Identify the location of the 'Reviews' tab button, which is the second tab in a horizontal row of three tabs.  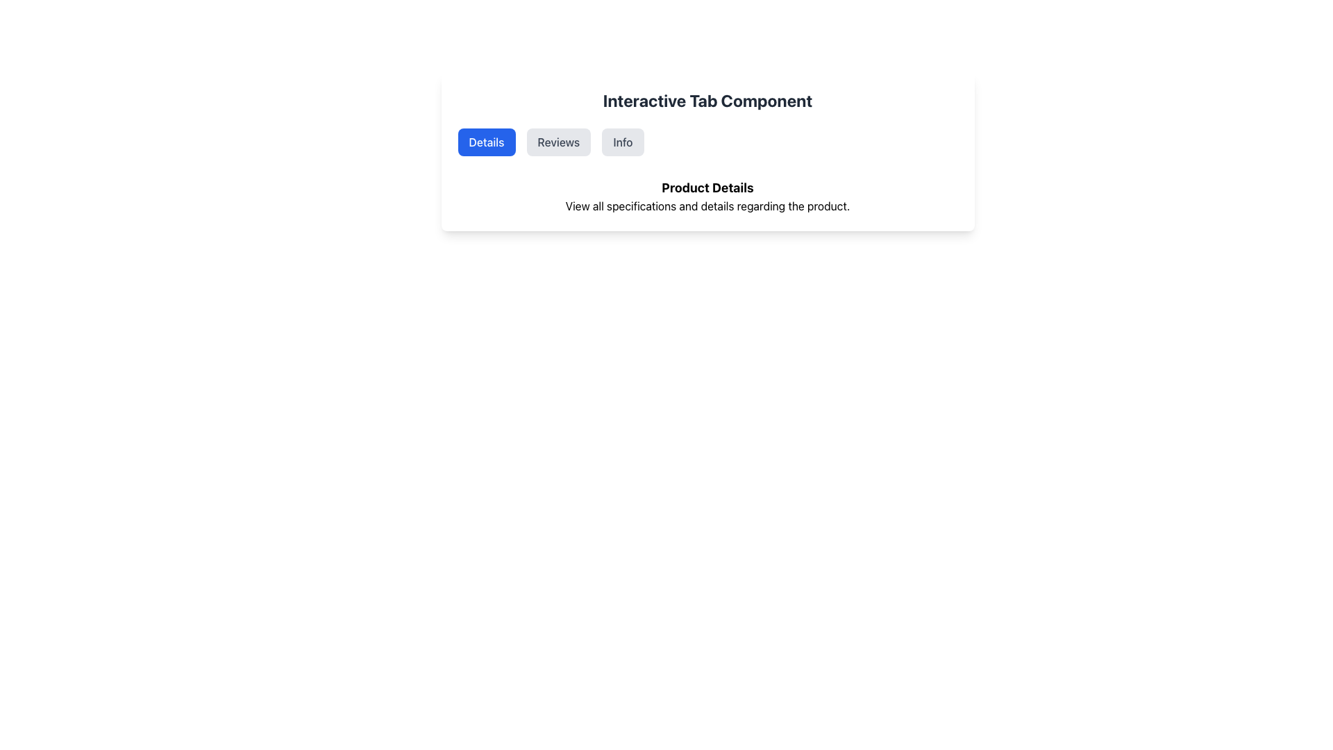
(558, 142).